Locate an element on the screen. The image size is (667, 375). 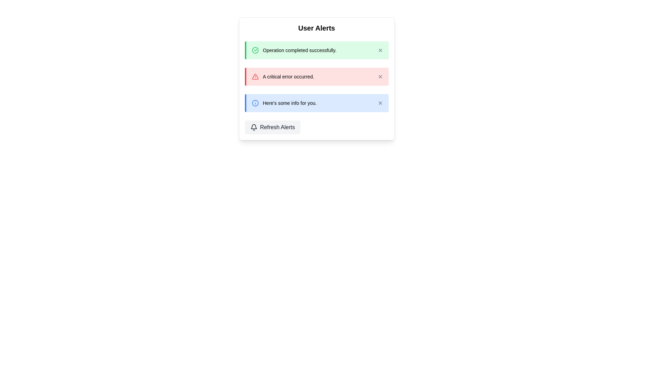
the circular graphical element that indicates information in the third alert item titled 'User Alerts' is located at coordinates (255, 103).